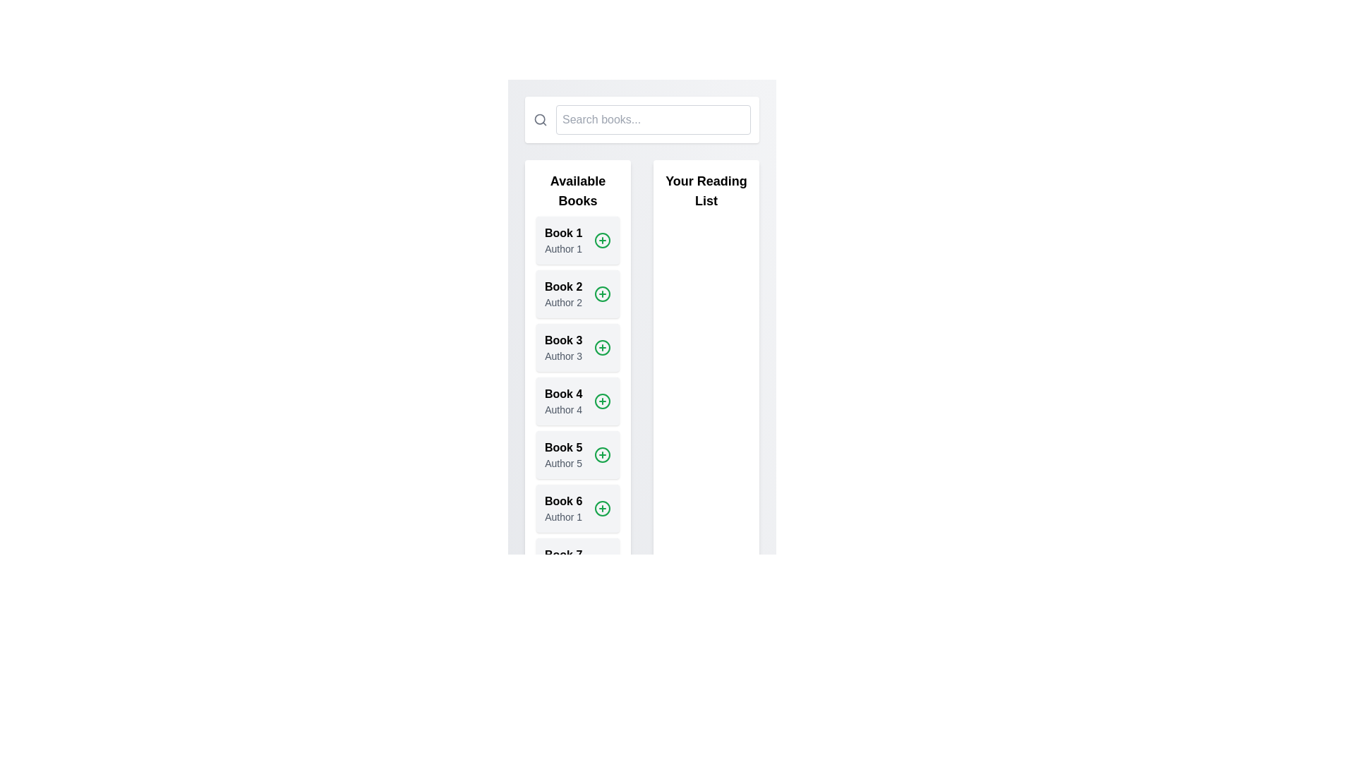  Describe the element at coordinates (562, 356) in the screenshot. I see `the text label indicating the author of 'Book 3', which is positioned directly under the bold 'Book 3' text in the left column of the interface` at that location.